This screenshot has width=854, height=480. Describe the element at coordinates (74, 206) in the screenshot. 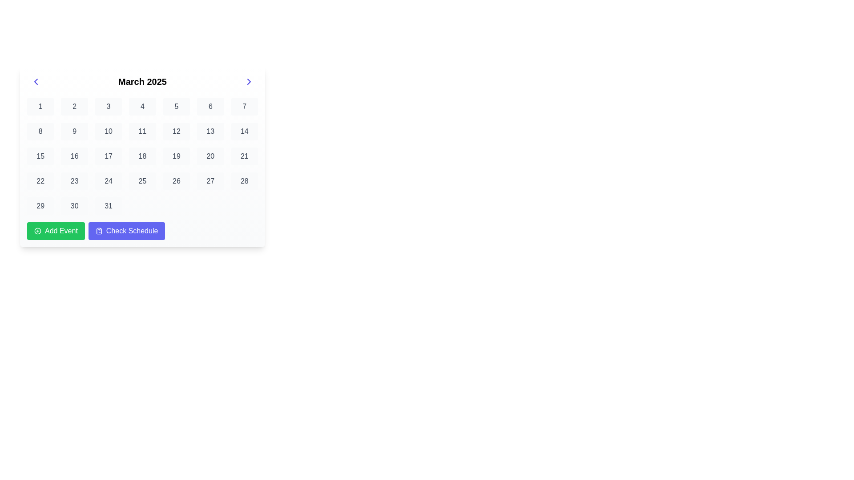

I see `the Text button representing the 30th day in the calendar` at that location.